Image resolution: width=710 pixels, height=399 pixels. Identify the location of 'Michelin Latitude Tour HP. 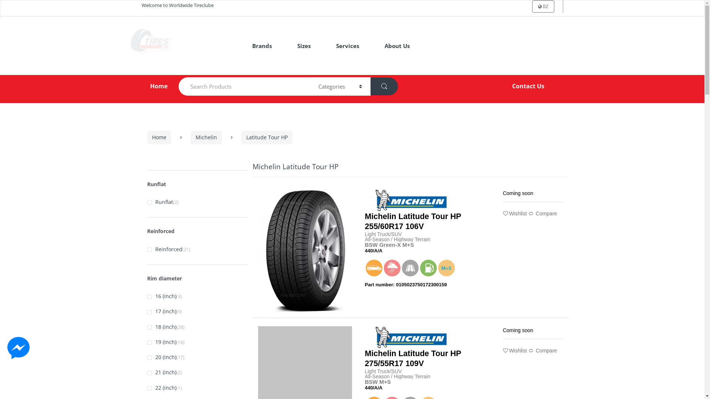
(364, 358).